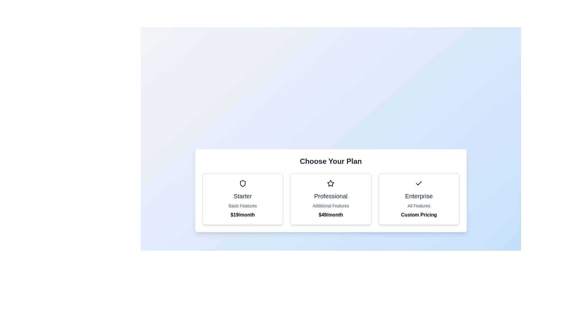 The width and height of the screenshot is (582, 327). What do you see at coordinates (242, 199) in the screenshot?
I see `the 'Starter' card element, which features a shield icon, the title 'Starter' in bold, a subtitle 'Basic Features', and pricing '$19/month' at the bottom` at bounding box center [242, 199].